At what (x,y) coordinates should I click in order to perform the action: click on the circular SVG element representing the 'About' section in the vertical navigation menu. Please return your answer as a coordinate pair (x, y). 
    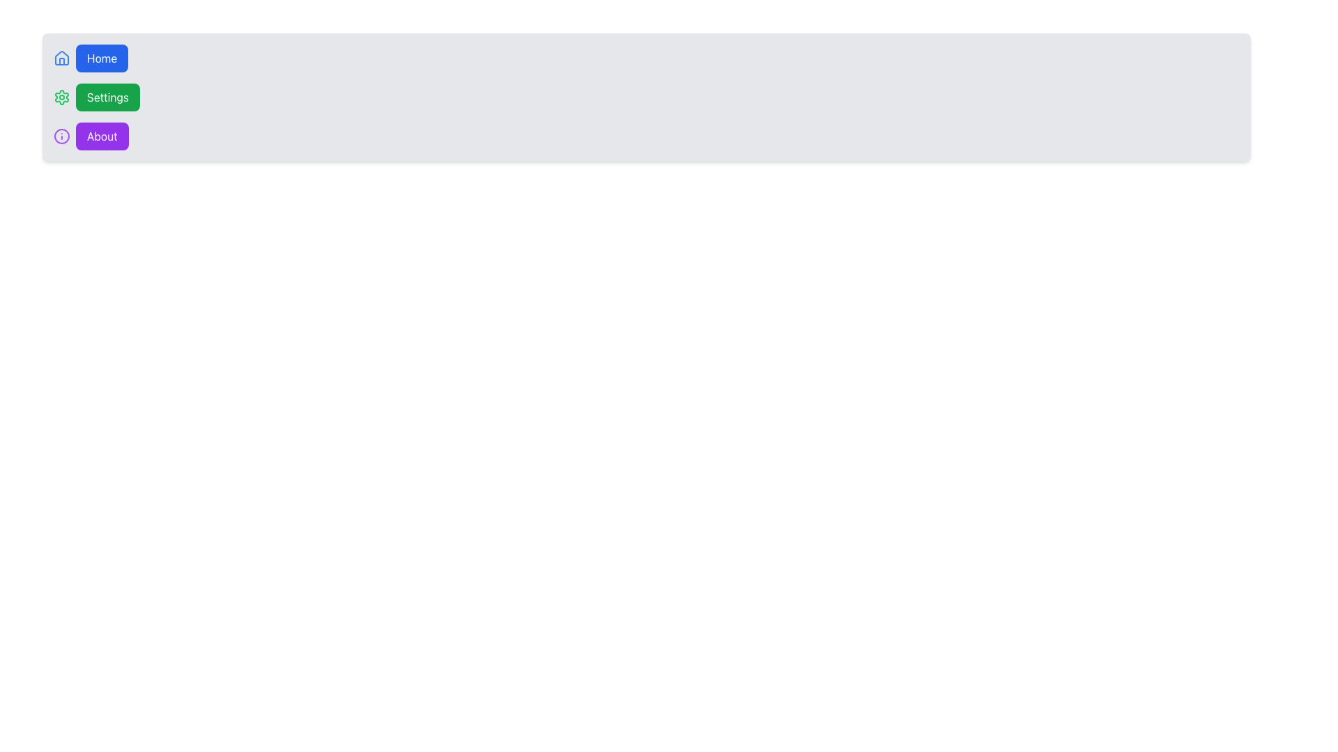
    Looking at the image, I should click on (61, 136).